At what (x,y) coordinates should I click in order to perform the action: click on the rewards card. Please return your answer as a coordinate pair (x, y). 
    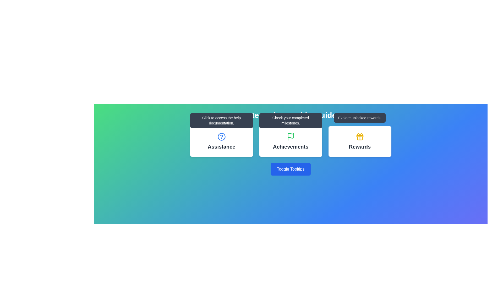
    Looking at the image, I should click on (359, 141).